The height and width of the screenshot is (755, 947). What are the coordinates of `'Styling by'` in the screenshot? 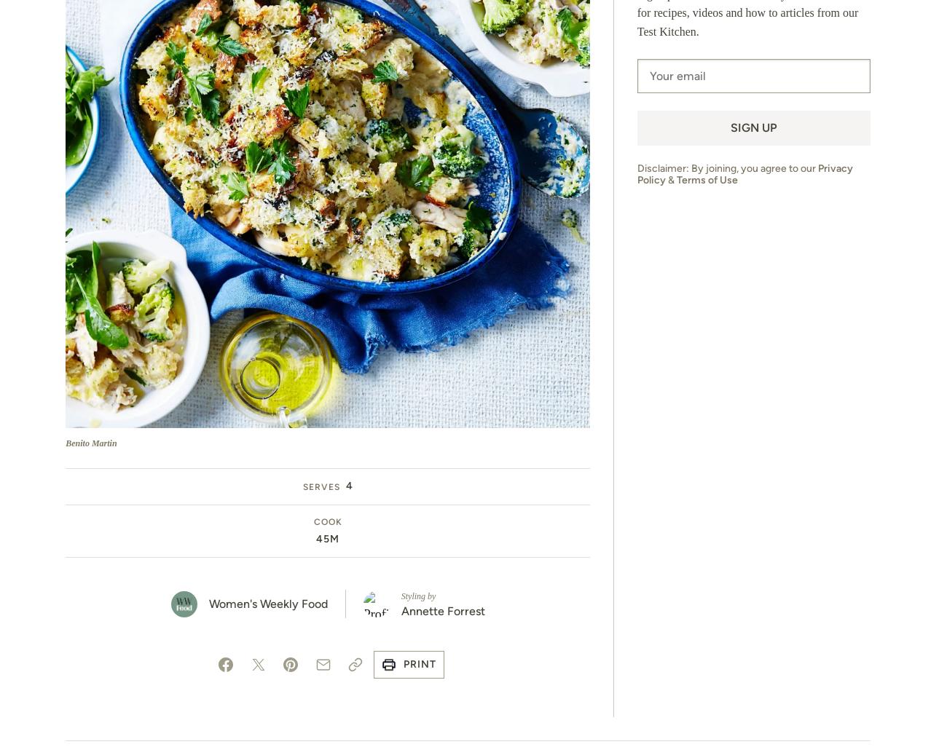 It's located at (417, 596).